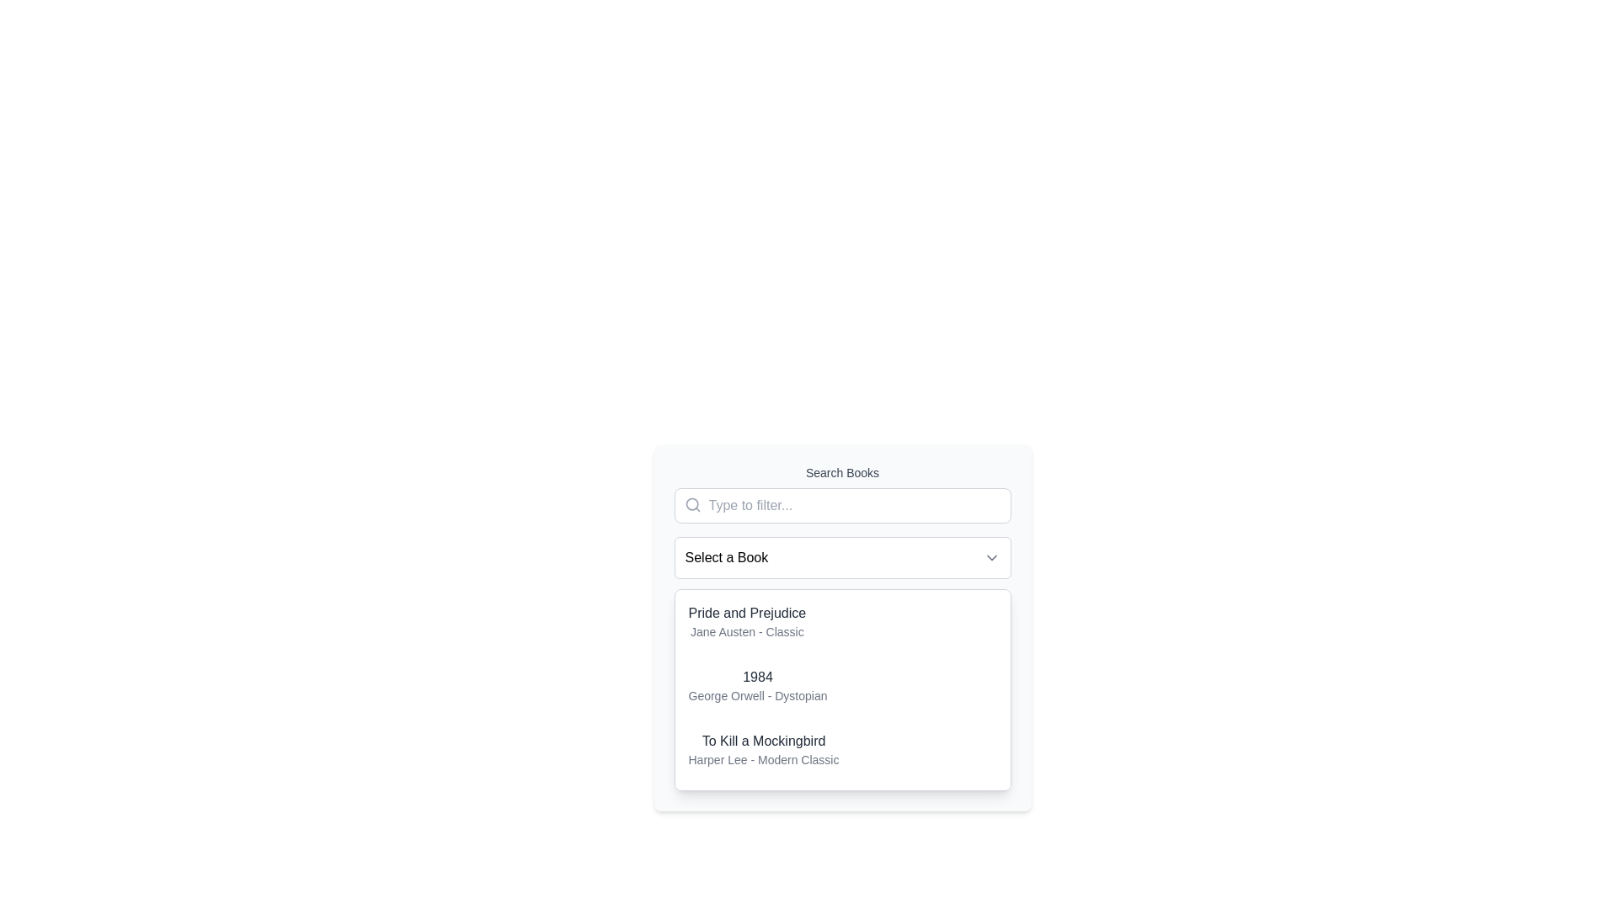 The height and width of the screenshot is (909, 1617). Describe the element at coordinates (842, 473) in the screenshot. I see `the 'Search Books' label, which is a medium-sized gray text label located at the top of the search section for filtering books` at that location.